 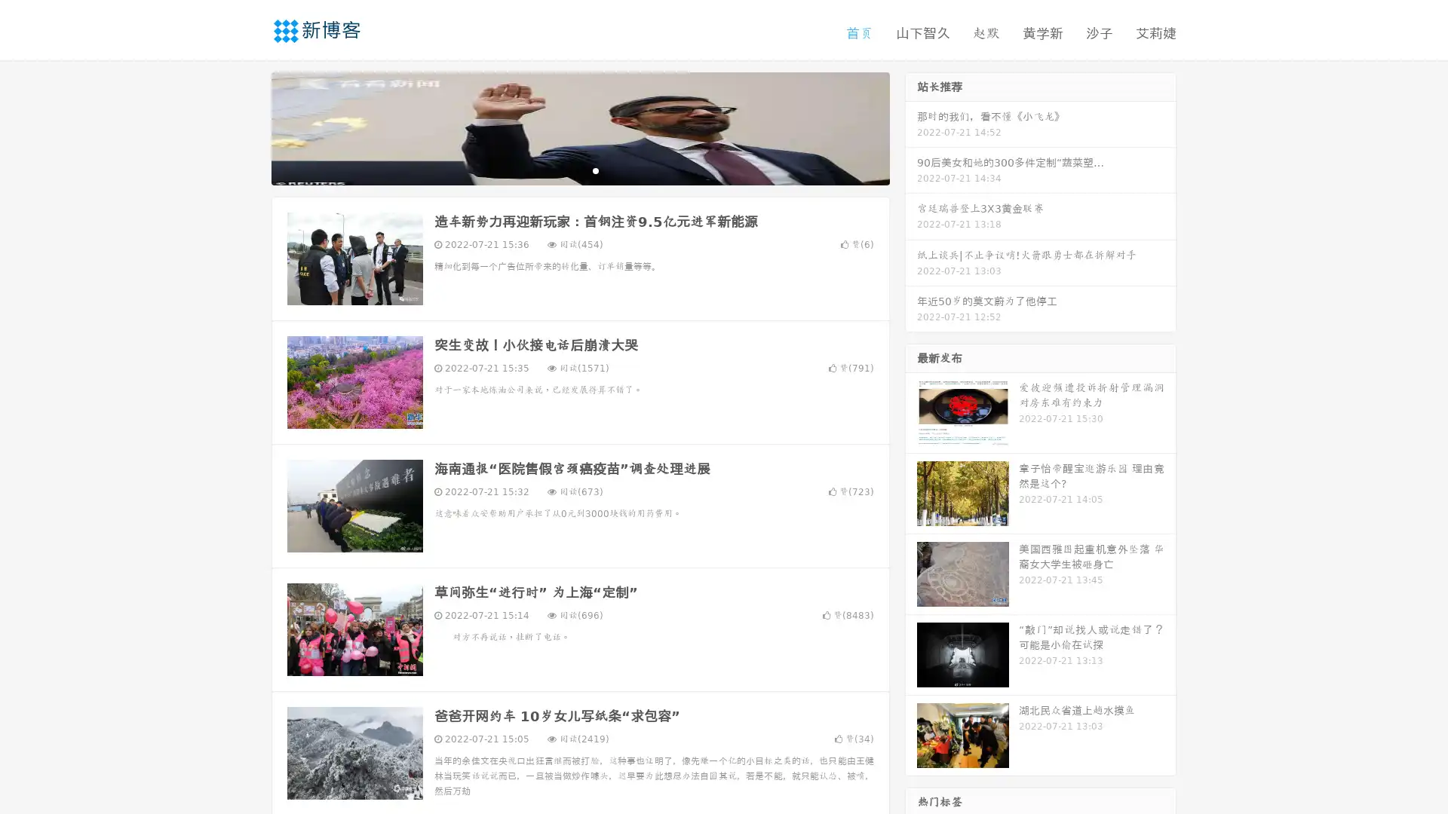 I want to click on Go to slide 1, so click(x=564, y=170).